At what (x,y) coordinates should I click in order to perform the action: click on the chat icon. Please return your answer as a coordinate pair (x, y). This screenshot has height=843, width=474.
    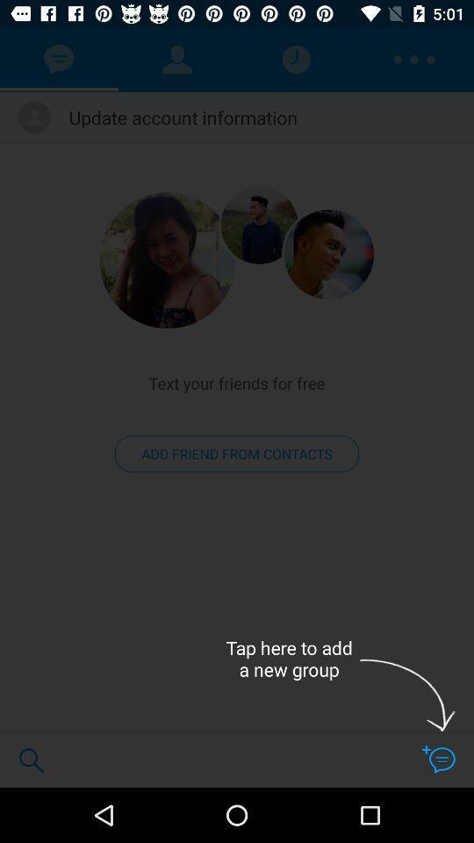
    Looking at the image, I should click on (437, 759).